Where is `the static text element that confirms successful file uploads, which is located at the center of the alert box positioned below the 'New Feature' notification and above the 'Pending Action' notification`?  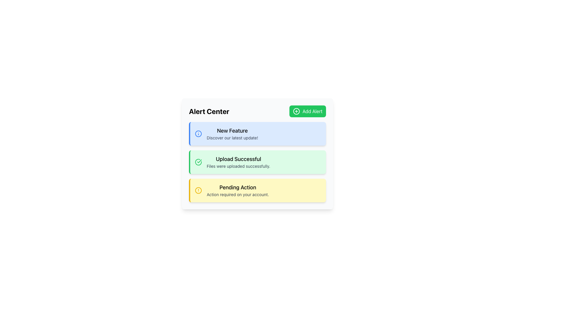
the static text element that confirms successful file uploads, which is located at the center of the alert box positioned below the 'New Feature' notification and above the 'Pending Action' notification is located at coordinates (238, 162).